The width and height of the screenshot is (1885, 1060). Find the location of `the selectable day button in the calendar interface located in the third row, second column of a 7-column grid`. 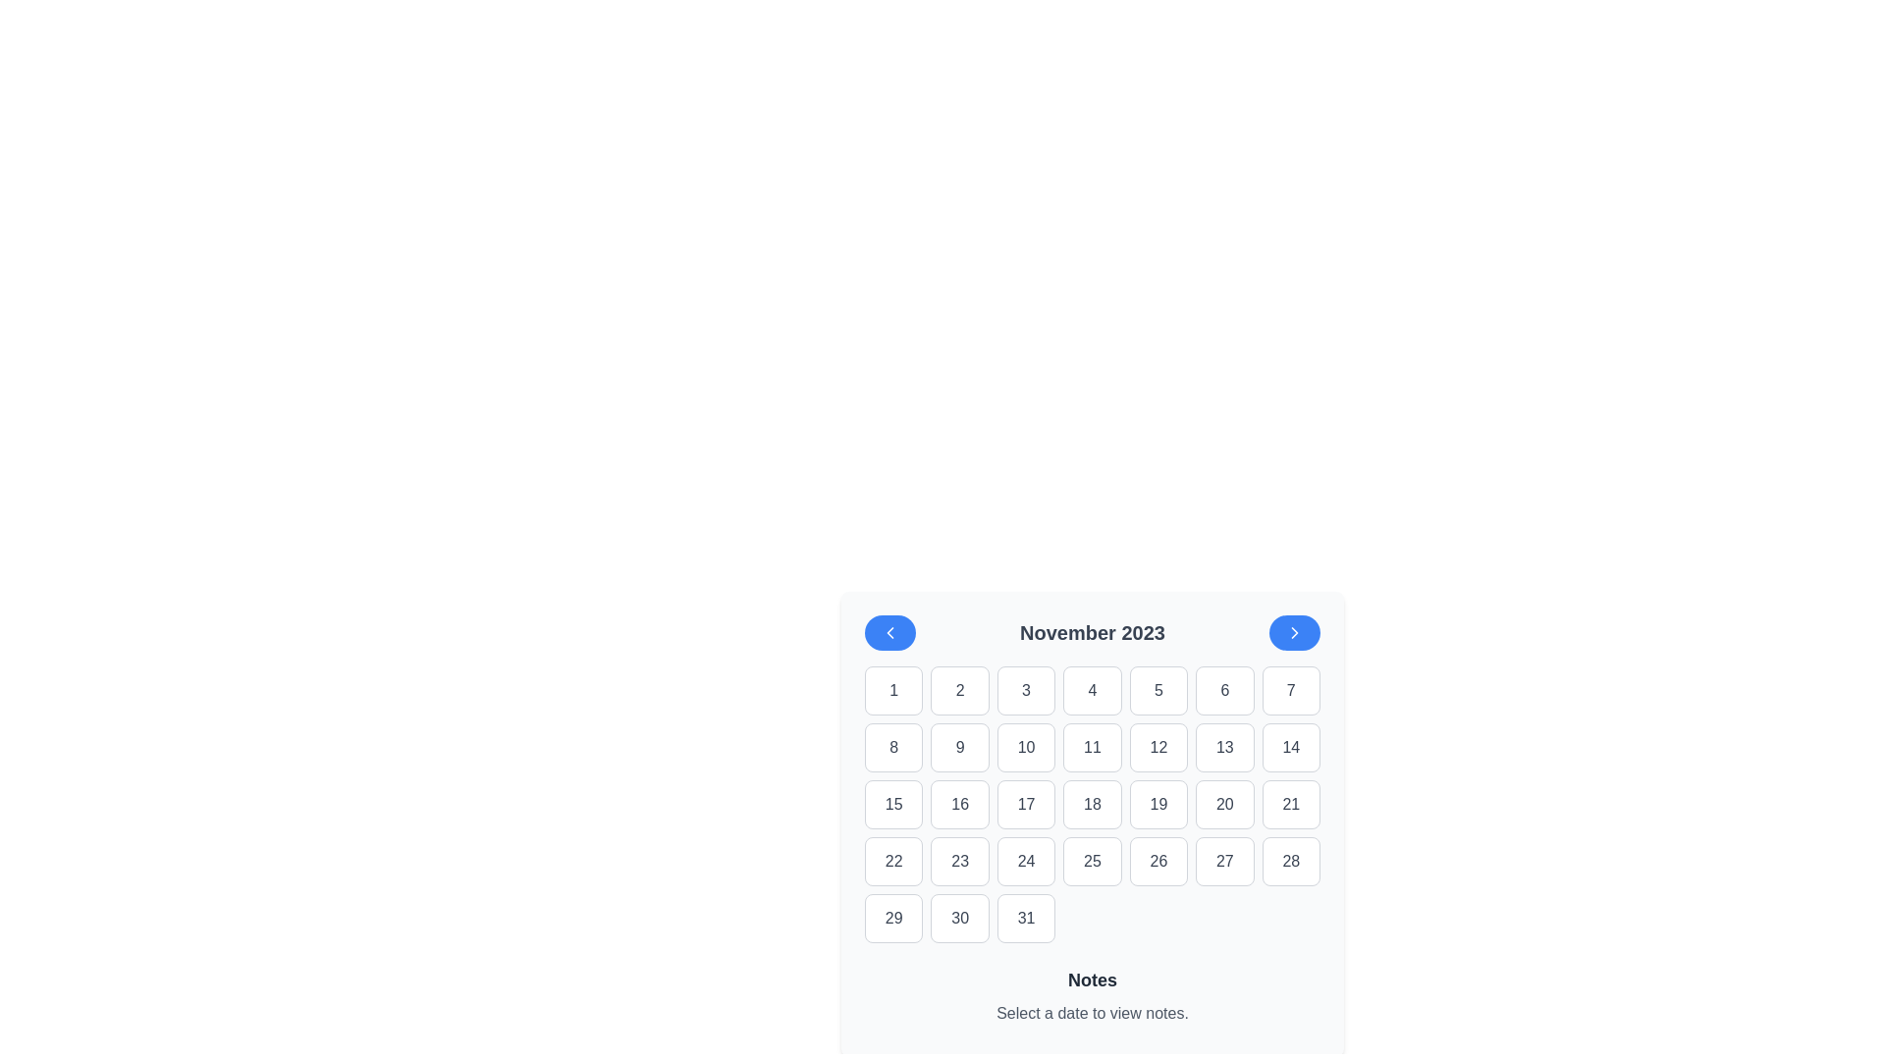

the selectable day button in the calendar interface located in the third row, second column of a 7-column grid is located at coordinates (960, 805).